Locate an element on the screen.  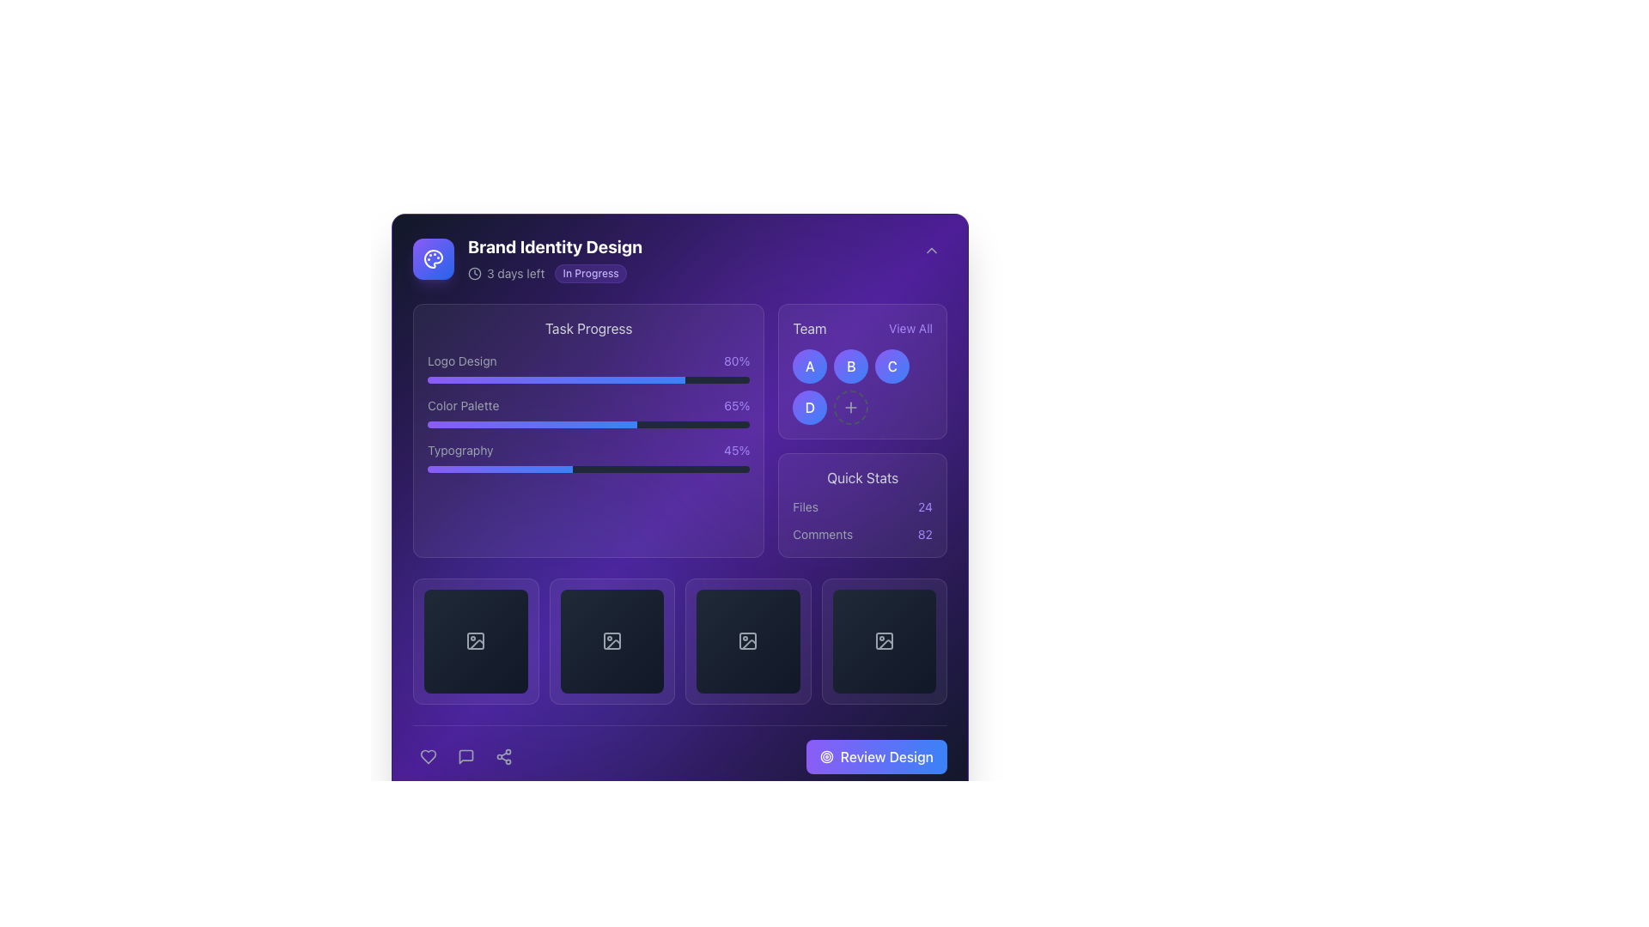
the circular button with a gradient background from violet to blue that has a white 'A' character in the center, located at the top-left corner of the 'Team' section is located at coordinates (809, 366).